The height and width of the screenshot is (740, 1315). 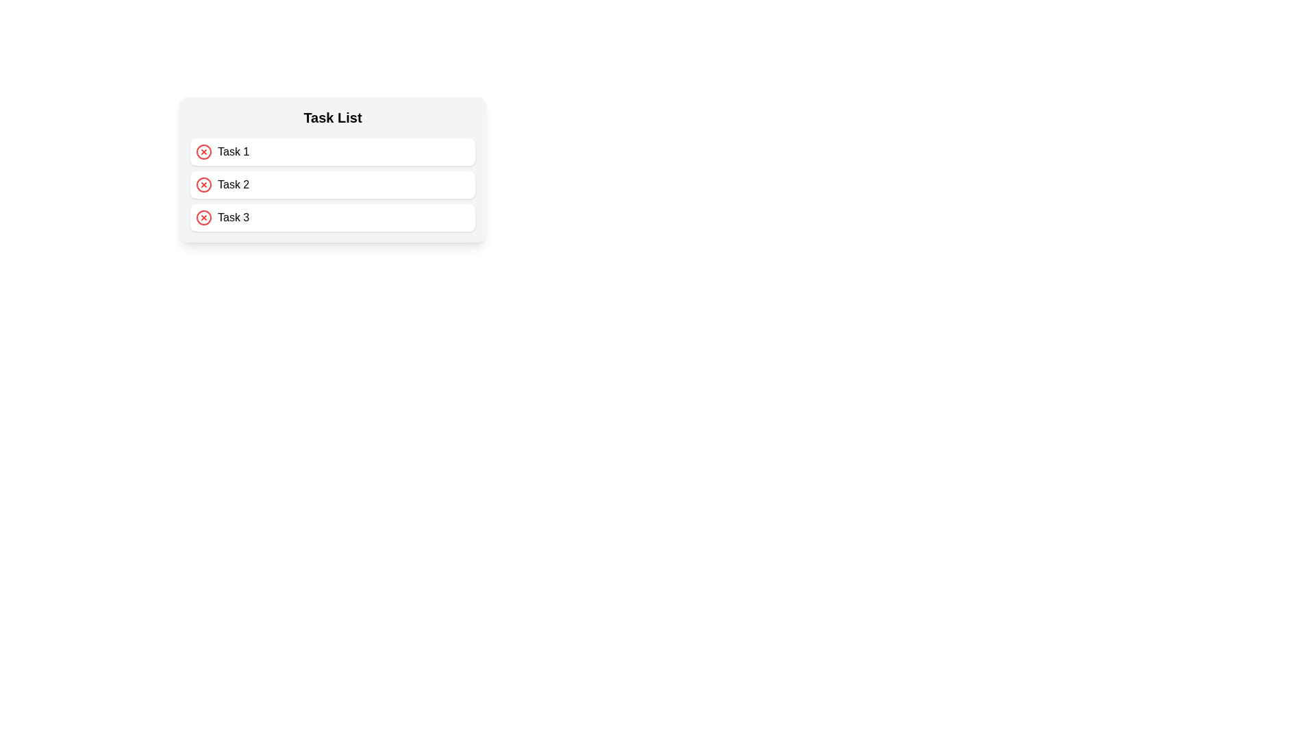 I want to click on text from the title label of the third task entry in the task list, located at the bottom of the three task items, so click(x=223, y=217).